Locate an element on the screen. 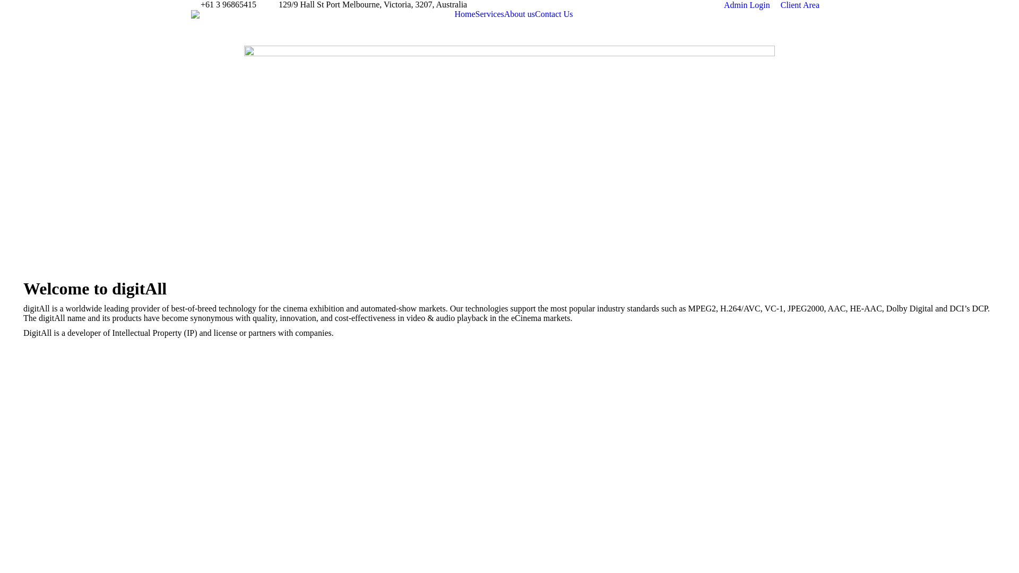 The height and width of the screenshot is (573, 1019). 'About us' is located at coordinates (520, 14).